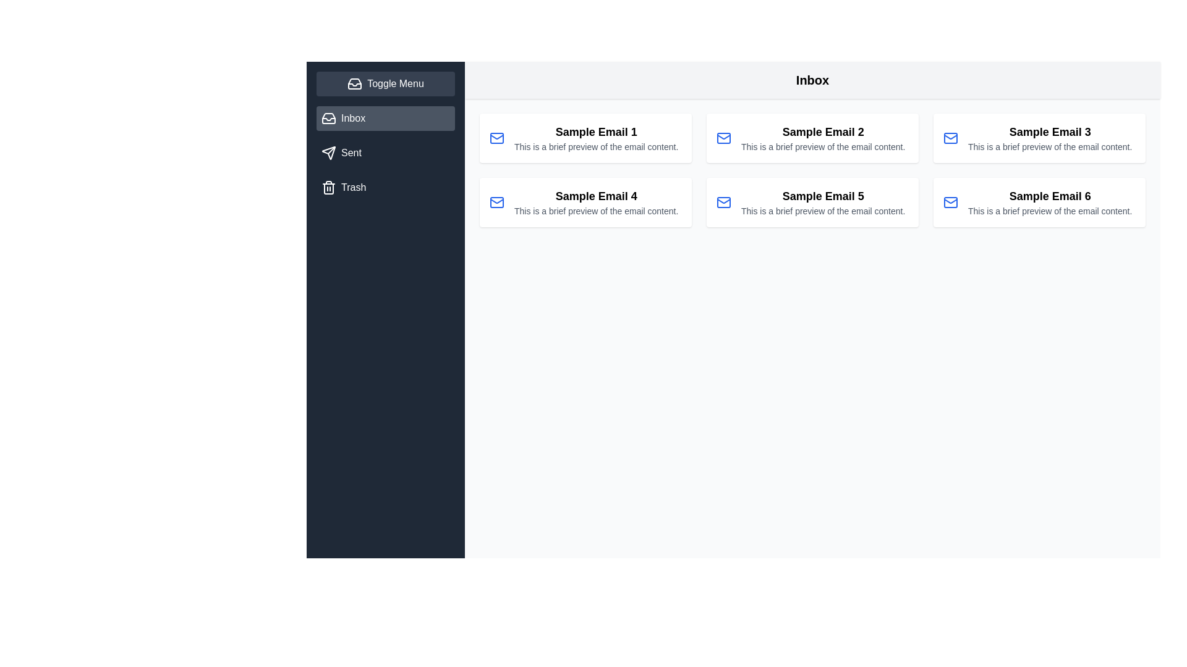  Describe the element at coordinates (329, 152) in the screenshot. I see `the 'Send' icon, which resembles a stylized paper airplane, located adjacent to the left side of the 'Sent' navigation item in the sidebar` at that location.